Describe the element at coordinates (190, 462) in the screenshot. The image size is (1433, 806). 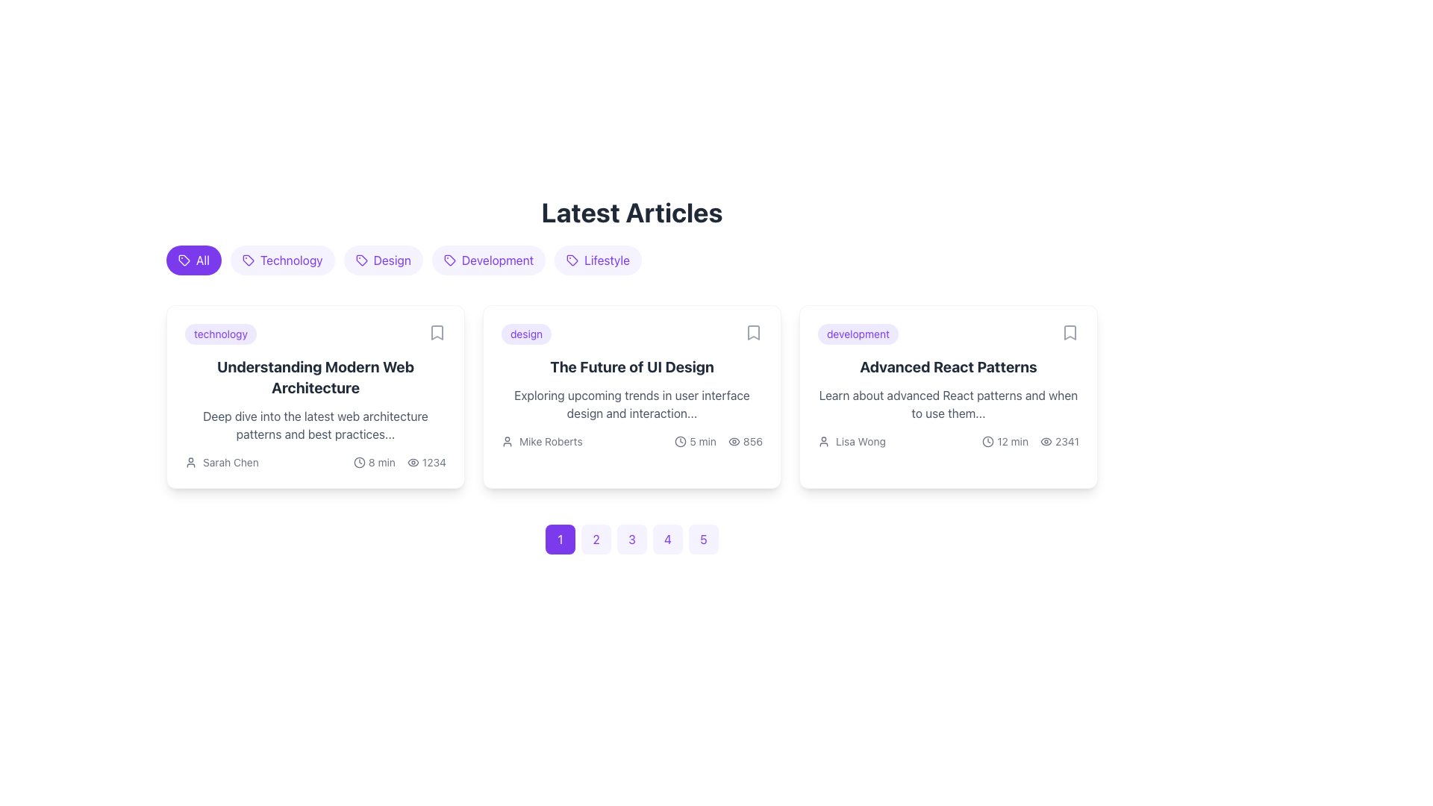
I see `the user avatar icon, which is a small circular silhouette representing a profile, located to the left of the text 'Sarah Chen' in the bottom-left section of the first article card` at that location.